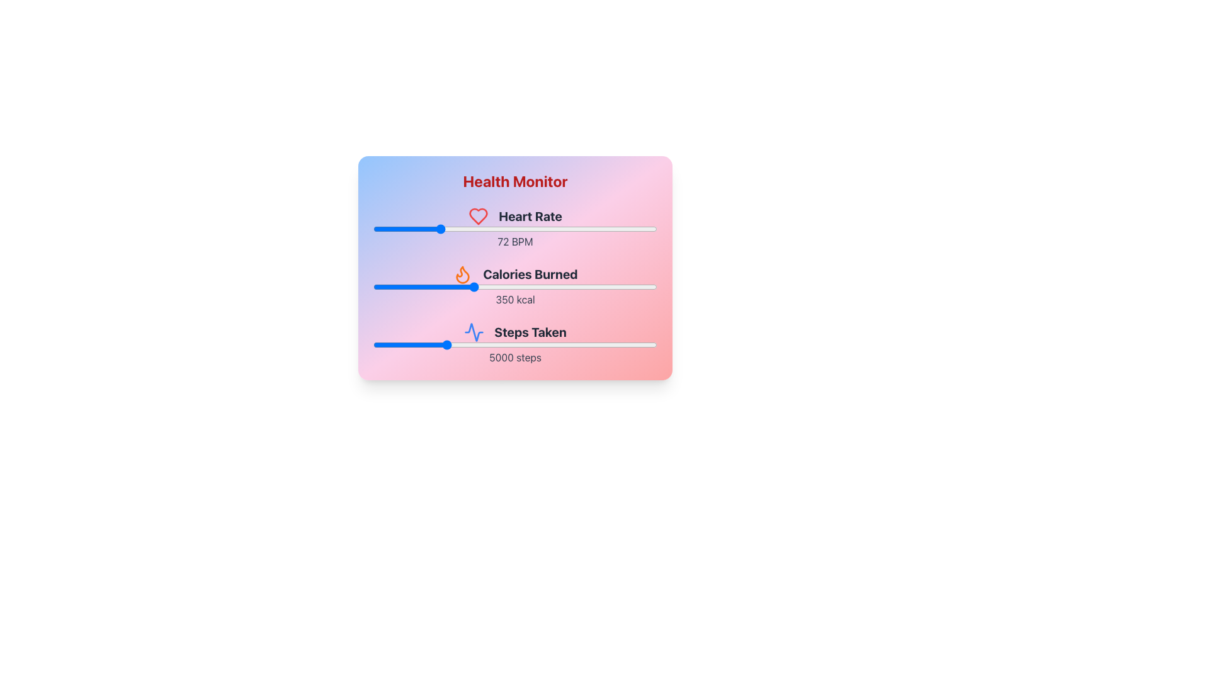 The height and width of the screenshot is (680, 1209). Describe the element at coordinates (650, 286) in the screenshot. I see `the calories burned slider` at that location.